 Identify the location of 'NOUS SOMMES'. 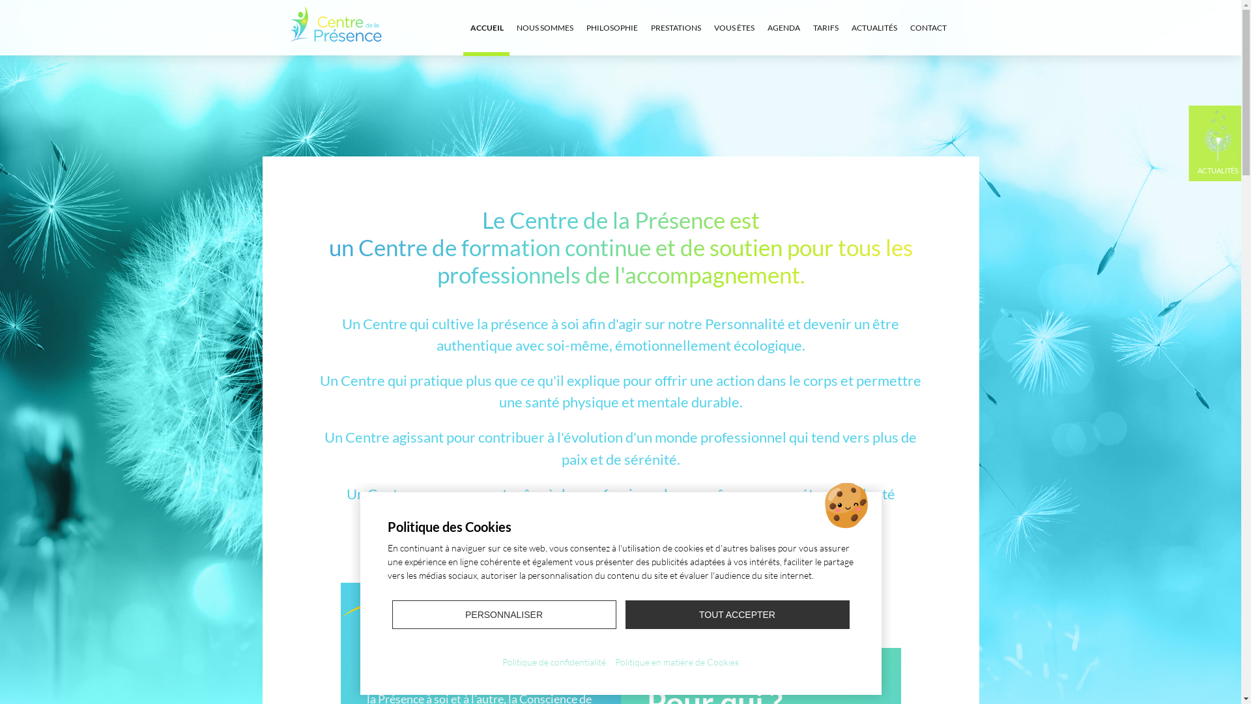
(544, 27).